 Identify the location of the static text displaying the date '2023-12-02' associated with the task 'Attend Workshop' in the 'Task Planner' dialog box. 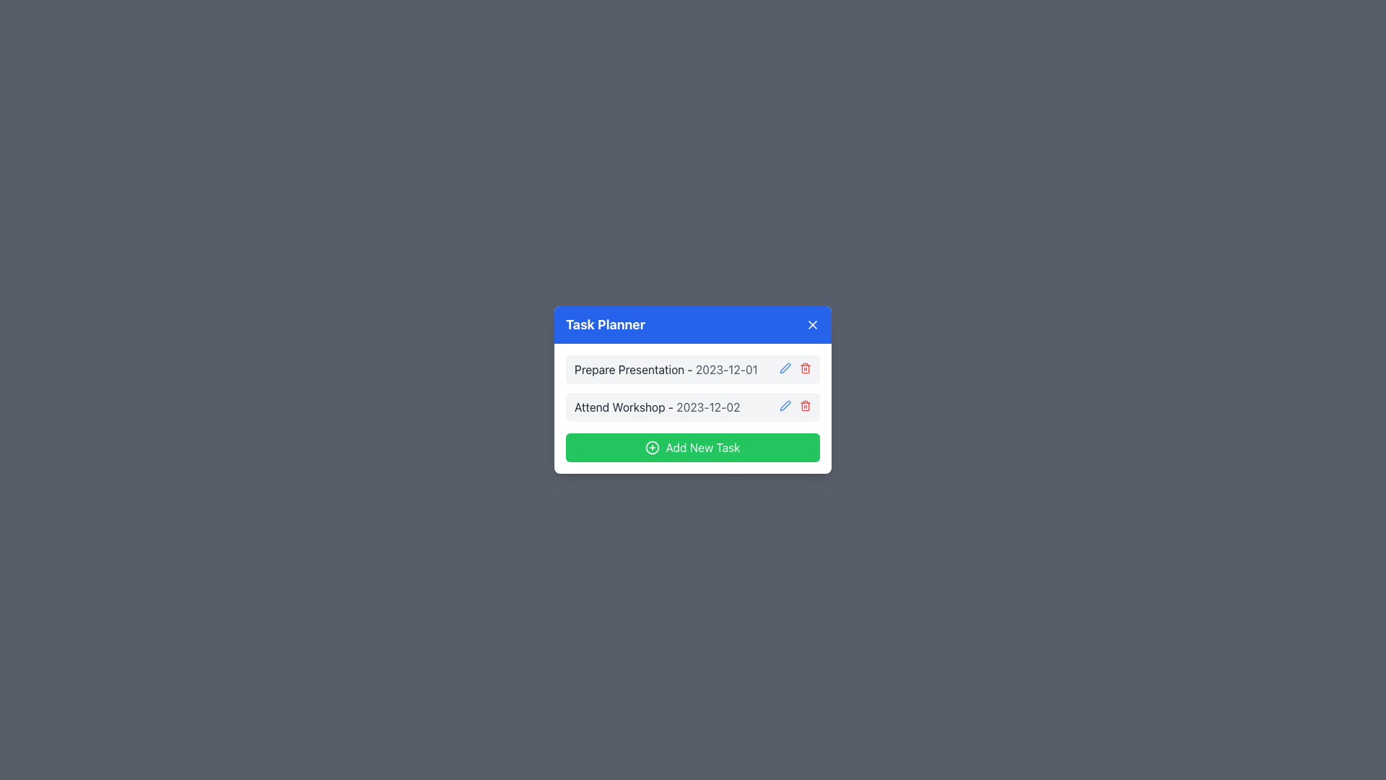
(708, 407).